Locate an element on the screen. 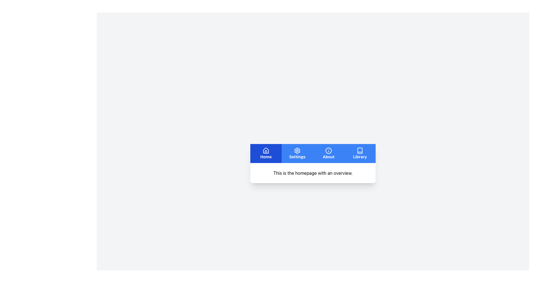 This screenshot has width=537, height=302. the bottom interior part of the house icon in the 'Home' section of the navigation menu is located at coordinates (265, 152).